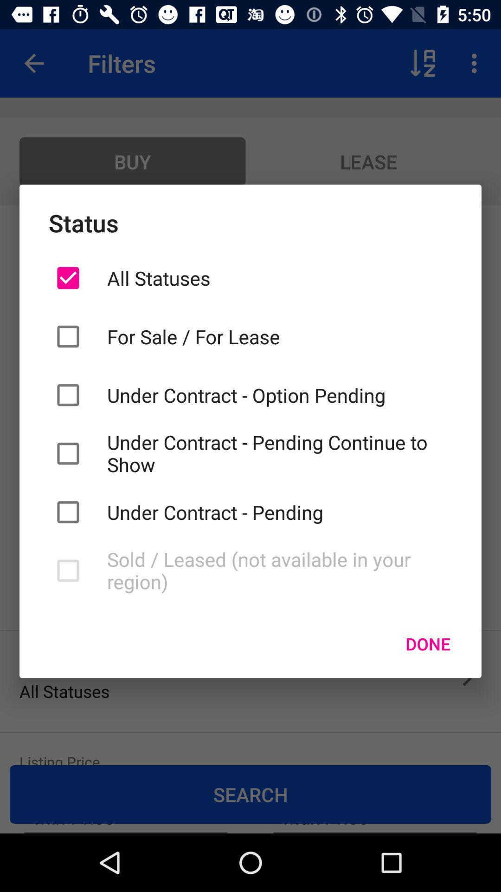  What do you see at coordinates (279, 336) in the screenshot?
I see `the item above under contract option icon` at bounding box center [279, 336].